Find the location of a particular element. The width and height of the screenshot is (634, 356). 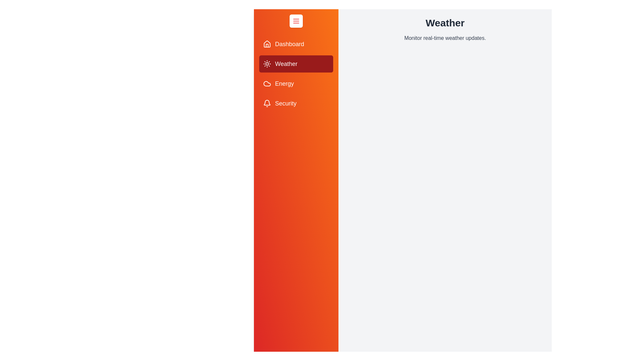

the Security section from the drawer menu is located at coordinates (296, 103).